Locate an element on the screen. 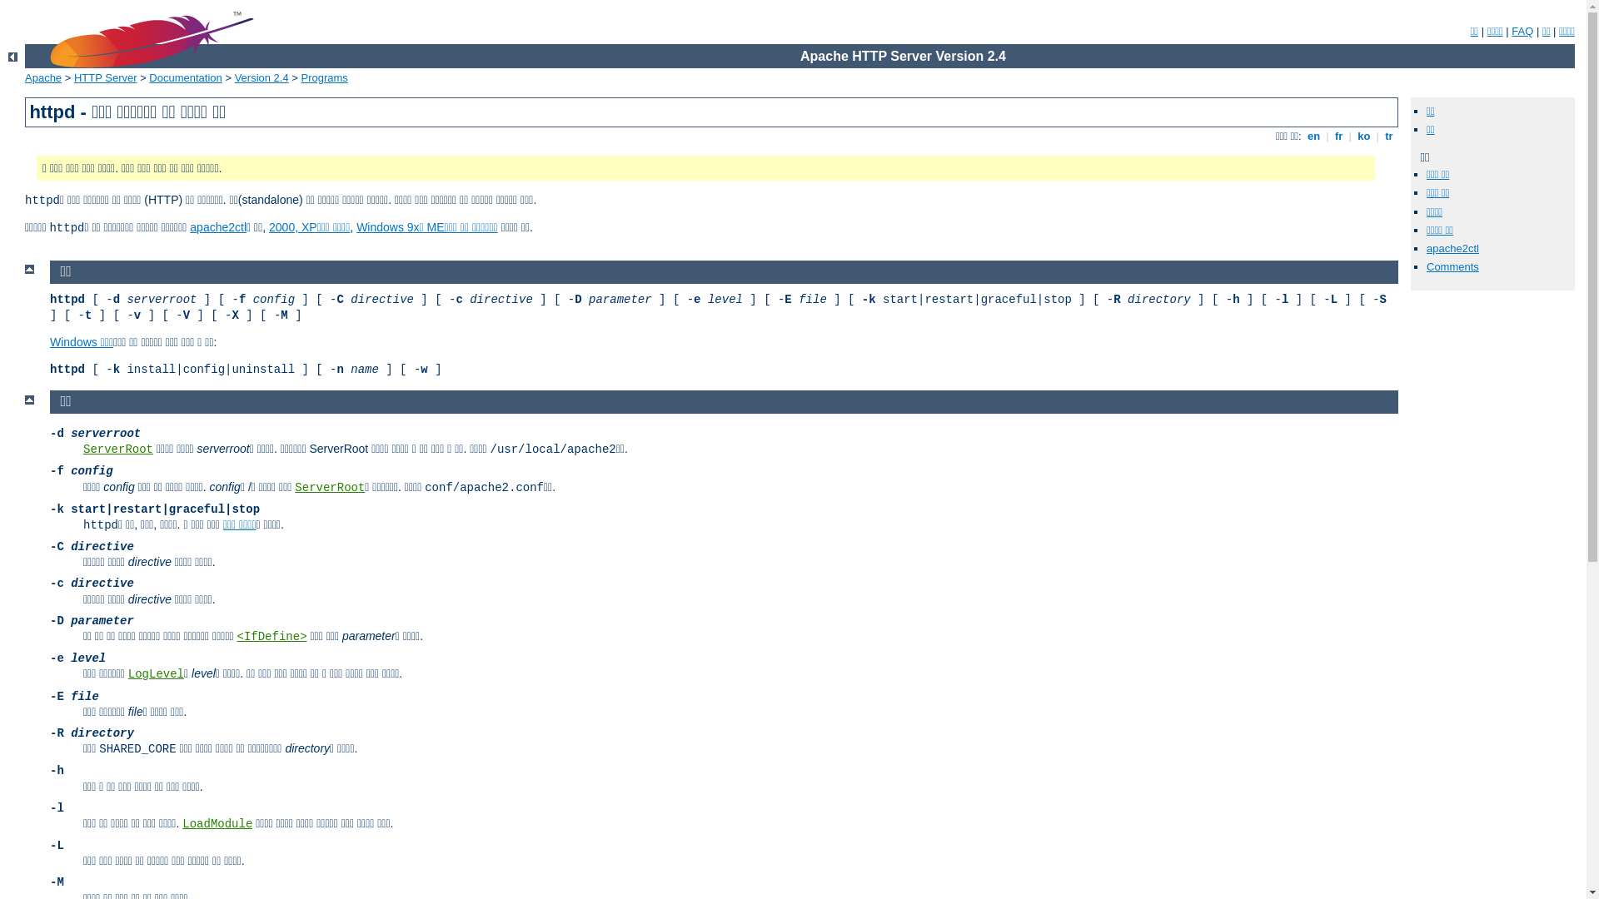 This screenshot has width=1599, height=899. 'LoadModule' is located at coordinates (216, 824).